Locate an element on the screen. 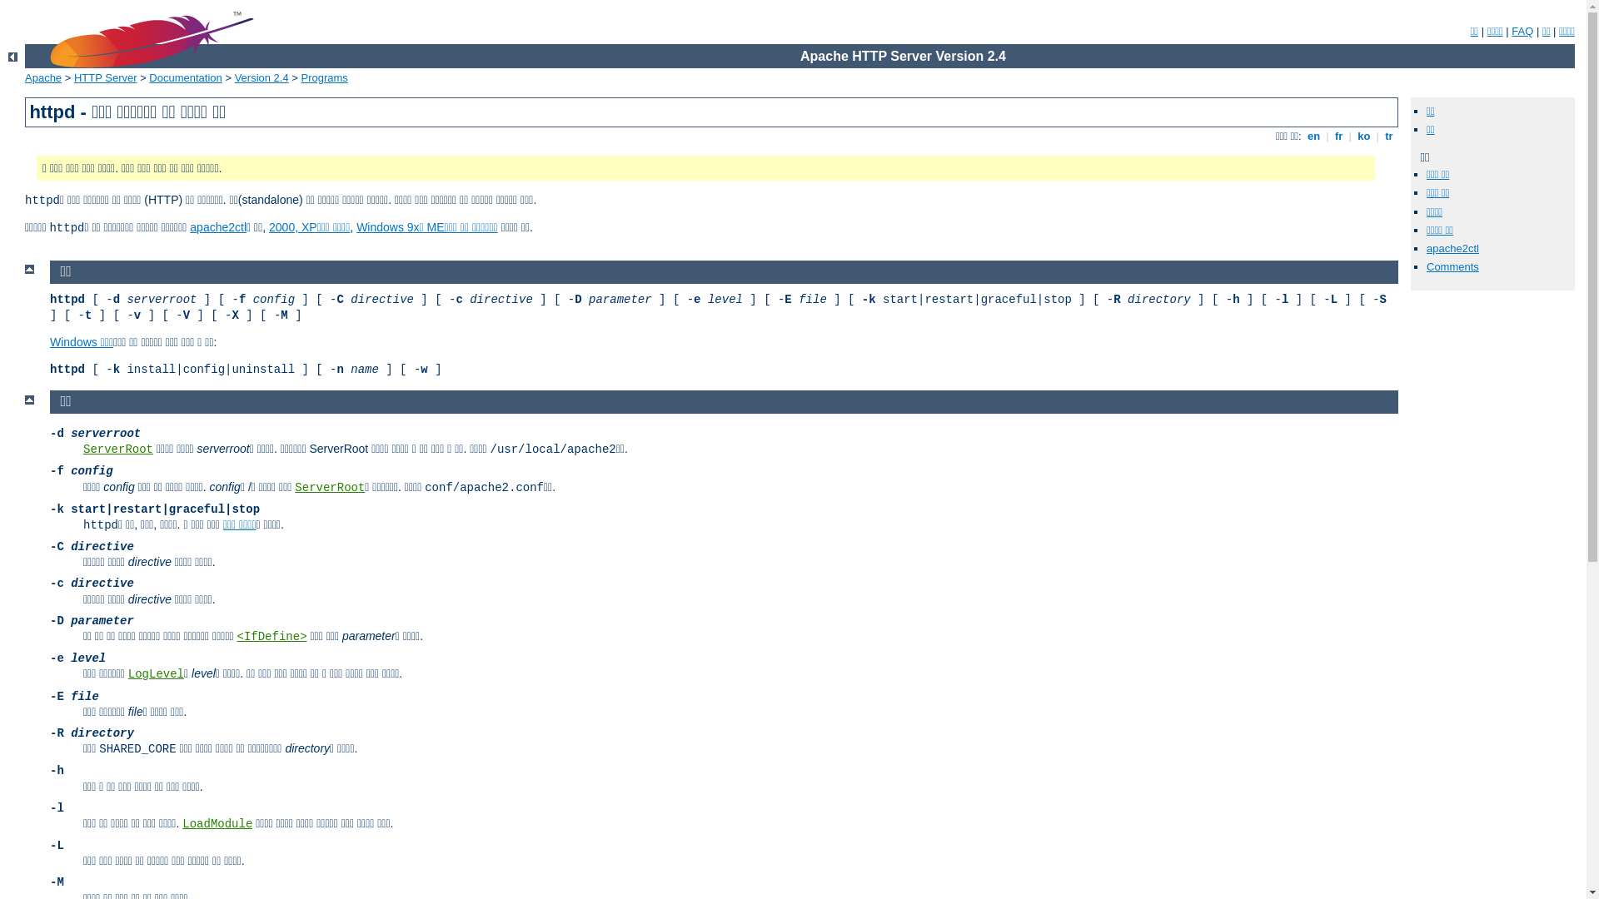 This screenshot has width=1599, height=899. 'LoadModule' is located at coordinates (216, 824).